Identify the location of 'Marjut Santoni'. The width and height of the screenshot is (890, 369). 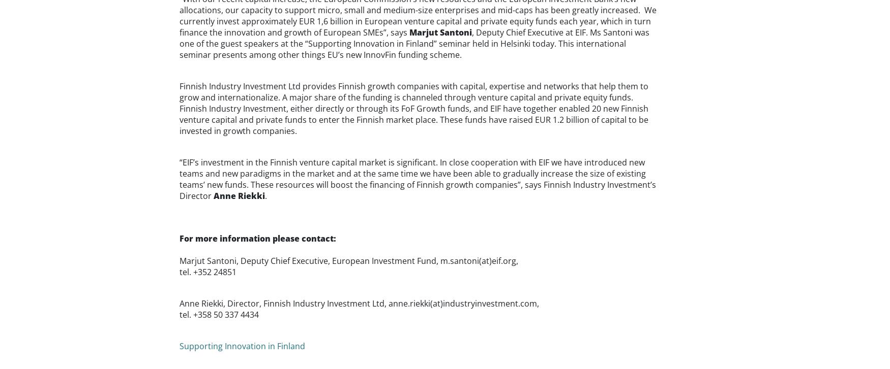
(440, 32).